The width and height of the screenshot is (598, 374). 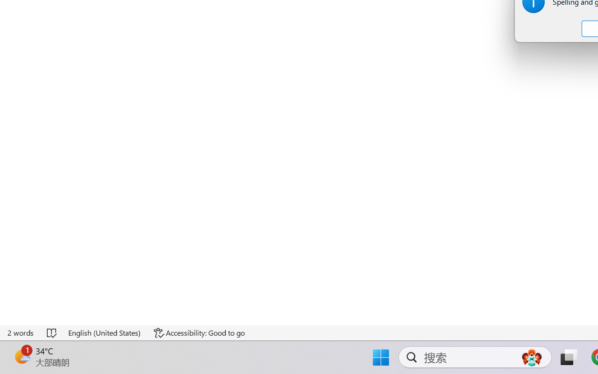 What do you see at coordinates (532, 357) in the screenshot?
I see `'AutomationID: DynamicSearchBoxGleamImage'` at bounding box center [532, 357].